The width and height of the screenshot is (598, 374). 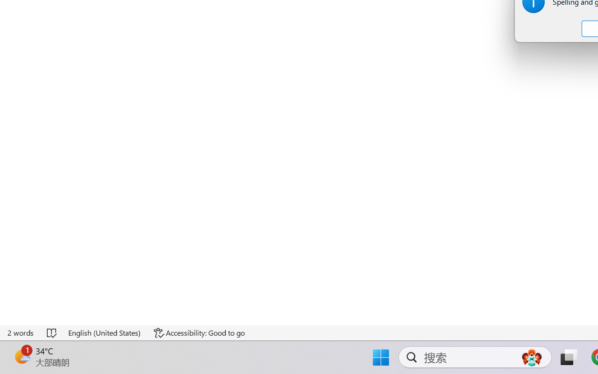 What do you see at coordinates (532, 357) in the screenshot?
I see `'AutomationID: DynamicSearchBoxGleamImage'` at bounding box center [532, 357].